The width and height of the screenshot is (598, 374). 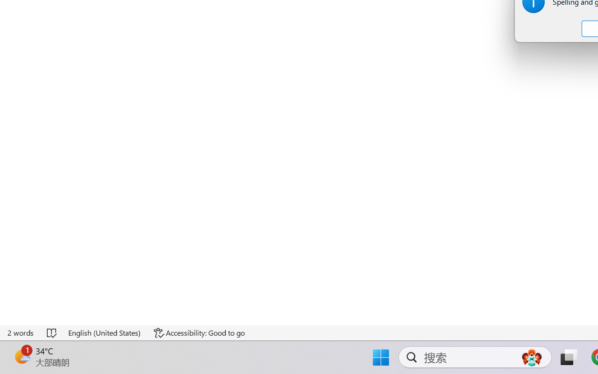 What do you see at coordinates (532, 357) in the screenshot?
I see `'AutomationID: DynamicSearchBoxGleamImage'` at bounding box center [532, 357].